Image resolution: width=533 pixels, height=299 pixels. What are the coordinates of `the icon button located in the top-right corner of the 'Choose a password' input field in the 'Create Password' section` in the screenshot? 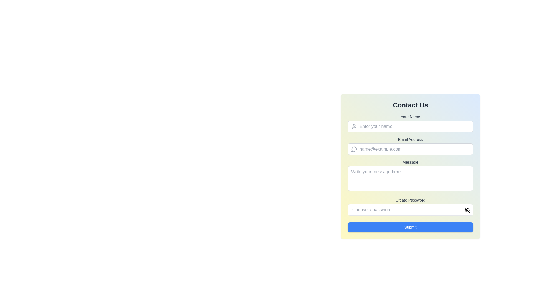 It's located at (467, 210).